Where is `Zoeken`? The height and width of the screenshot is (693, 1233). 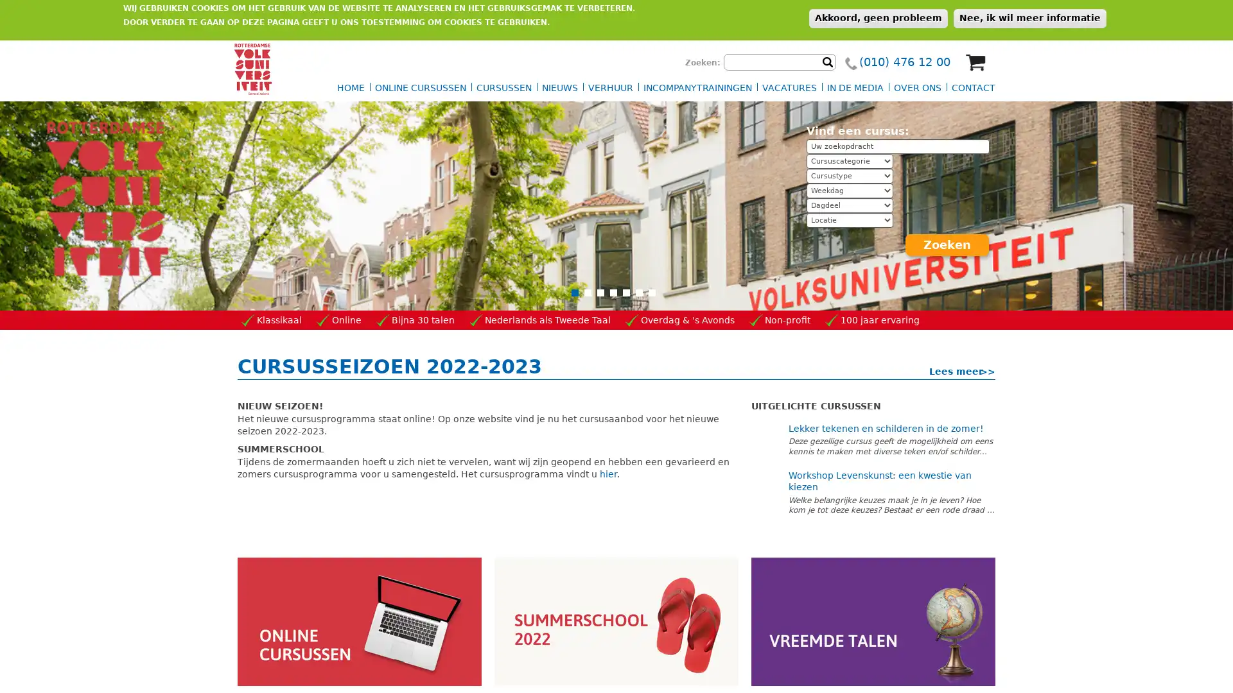 Zoeken is located at coordinates (947, 244).